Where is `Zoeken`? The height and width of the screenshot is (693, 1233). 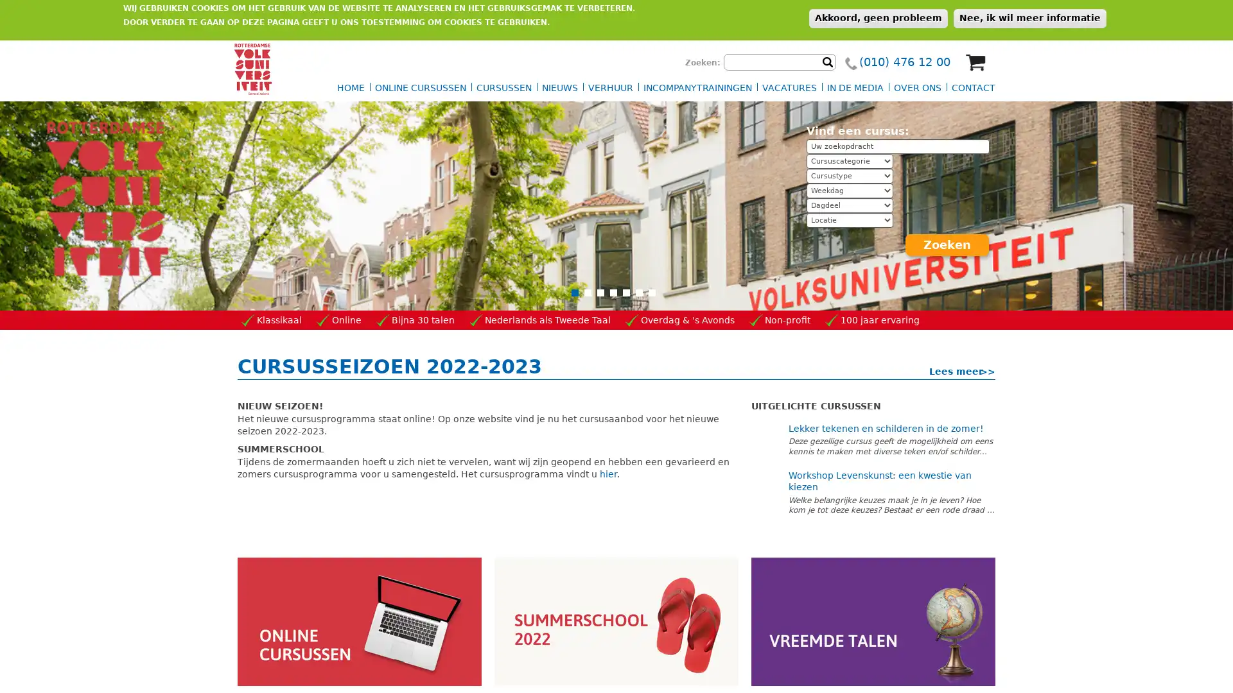 Zoeken is located at coordinates (947, 244).